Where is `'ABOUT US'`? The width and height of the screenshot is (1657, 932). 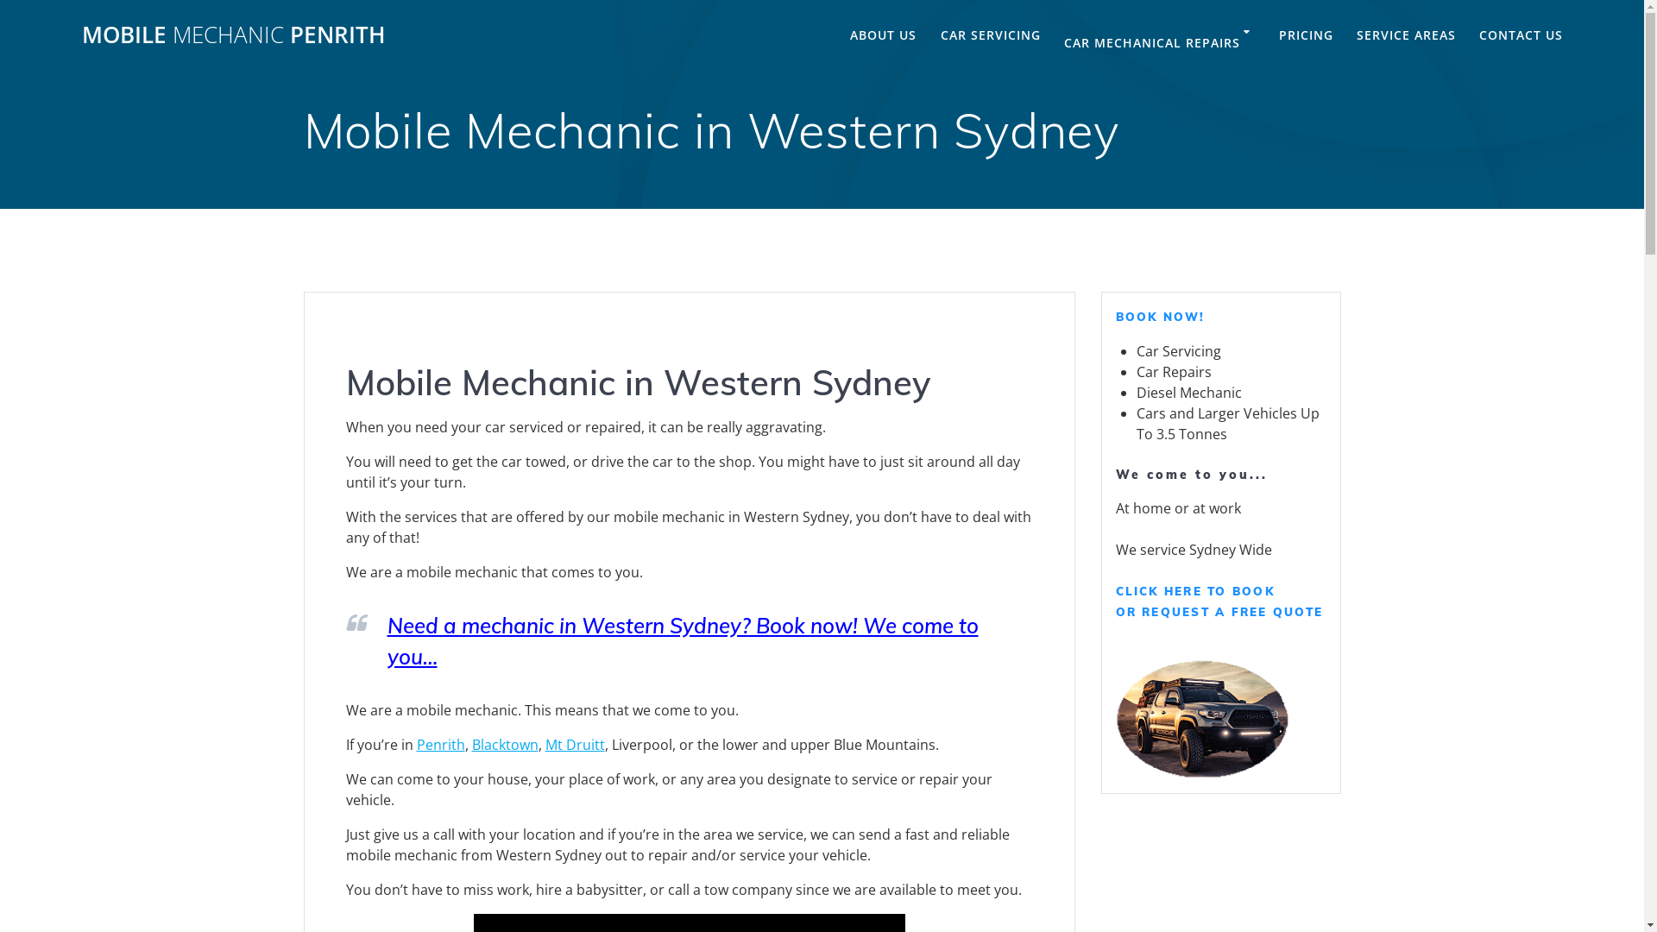 'ABOUT US' is located at coordinates (883, 35).